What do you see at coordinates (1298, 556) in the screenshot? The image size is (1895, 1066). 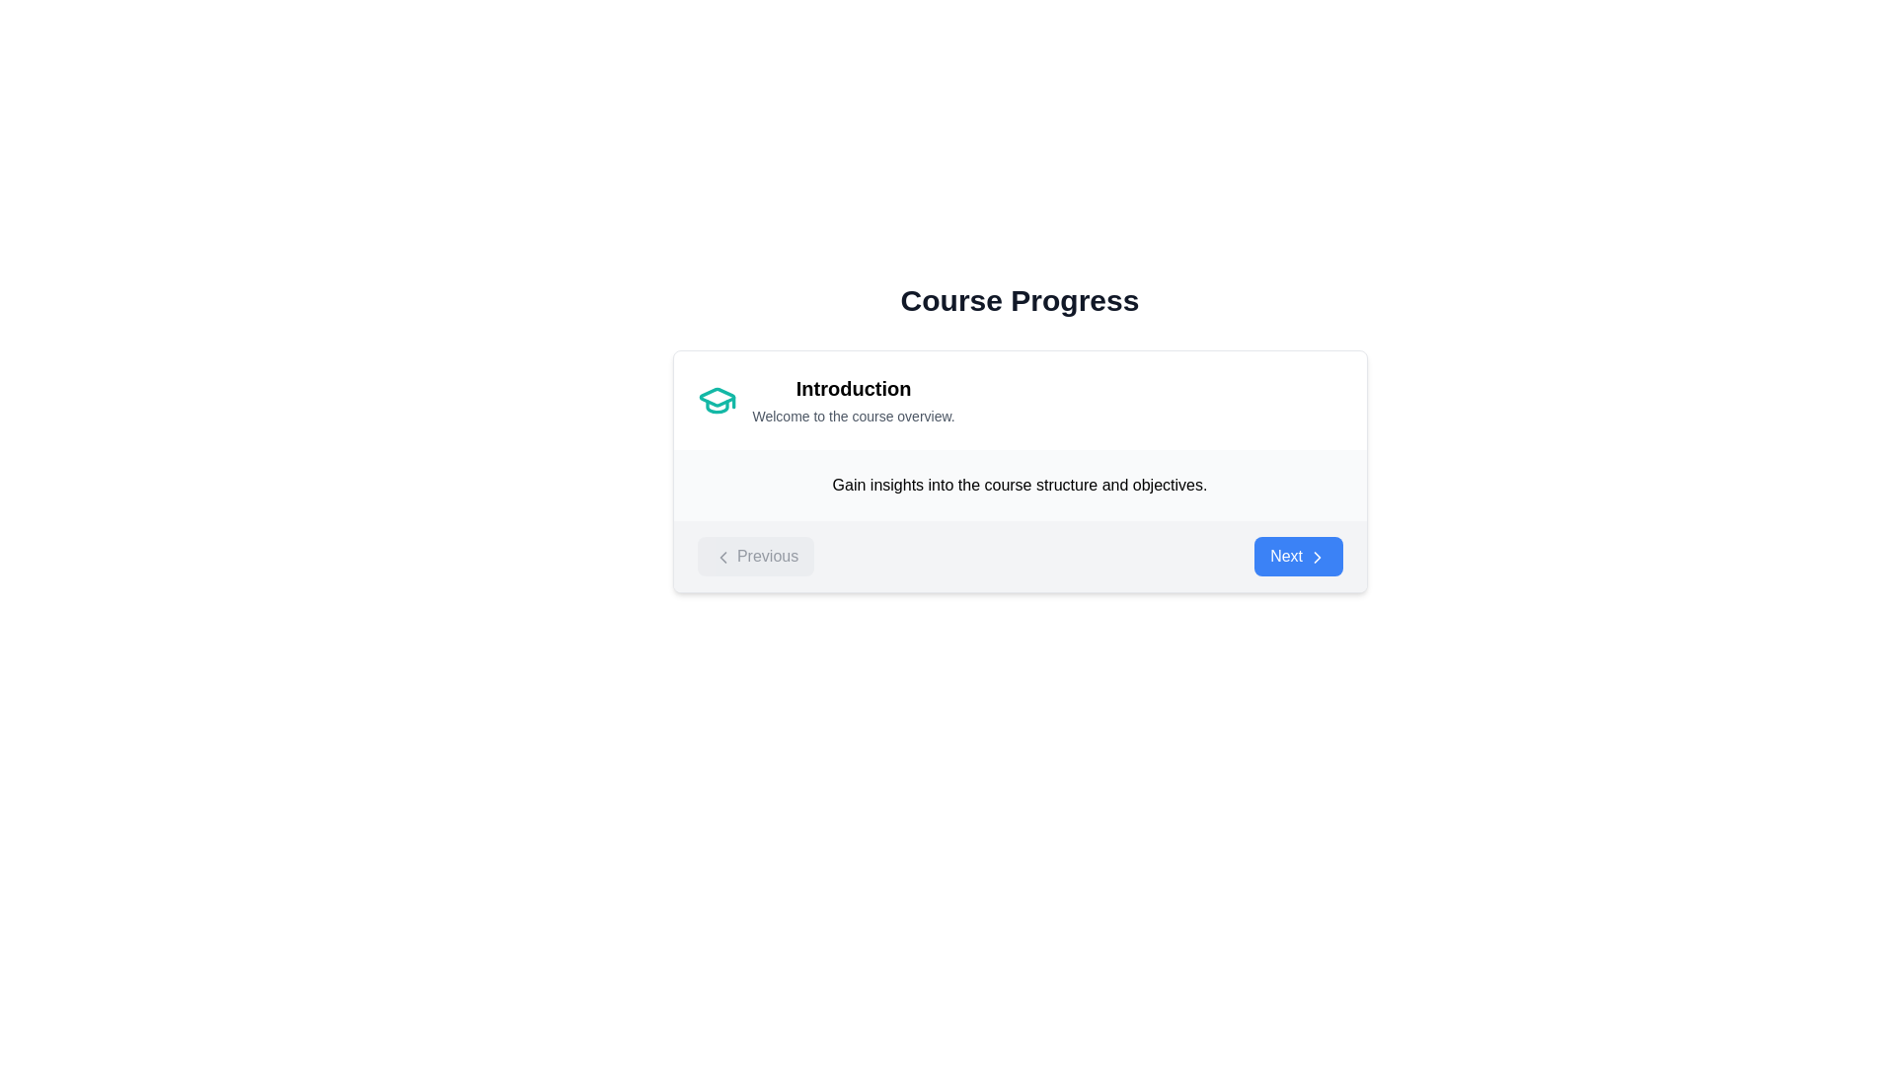 I see `the 'Next' button with a blue background and white text to interact` at bounding box center [1298, 556].